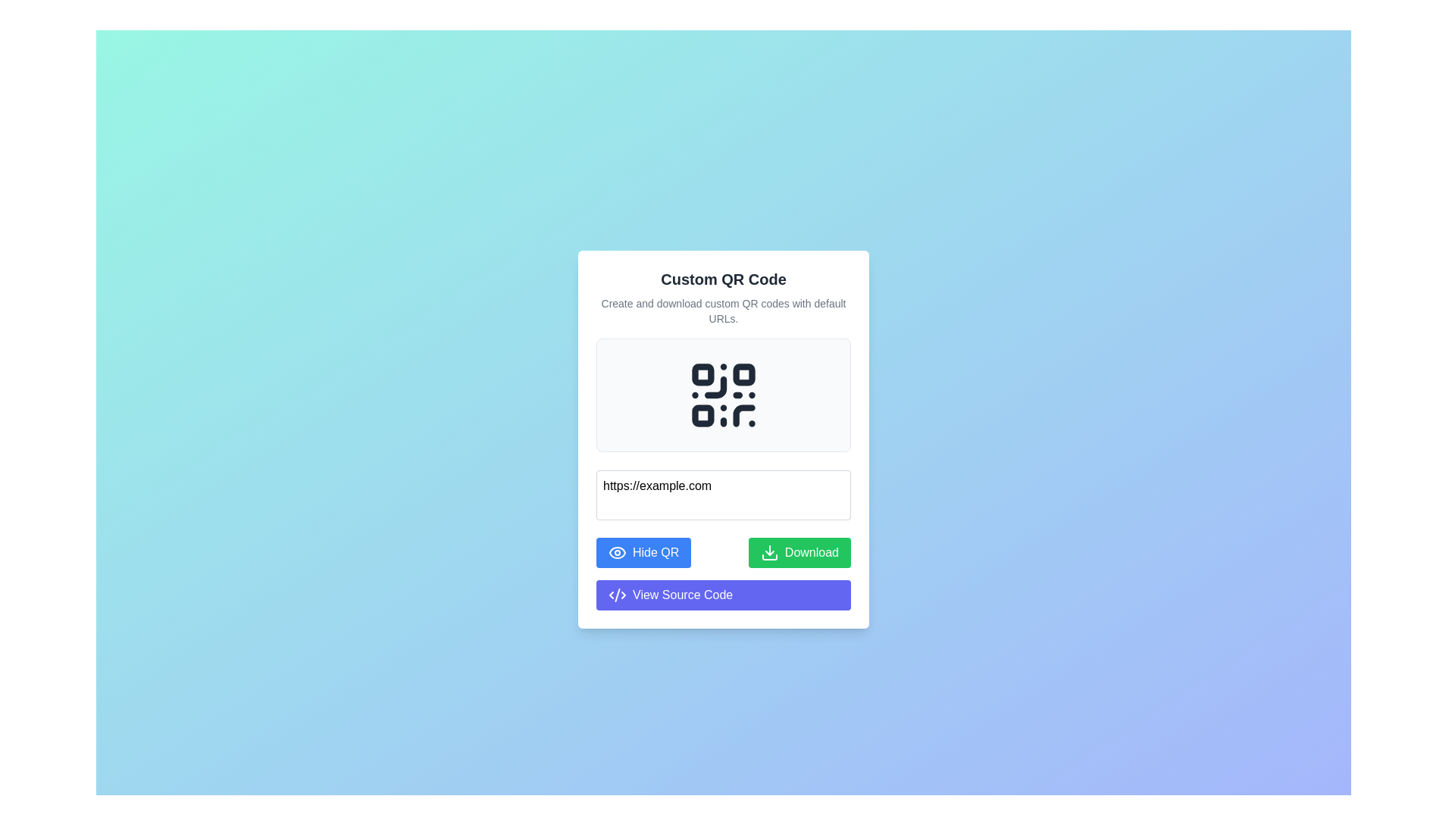 The width and height of the screenshot is (1455, 818). I want to click on the green download icon with a white downward arrow, so click(769, 552).